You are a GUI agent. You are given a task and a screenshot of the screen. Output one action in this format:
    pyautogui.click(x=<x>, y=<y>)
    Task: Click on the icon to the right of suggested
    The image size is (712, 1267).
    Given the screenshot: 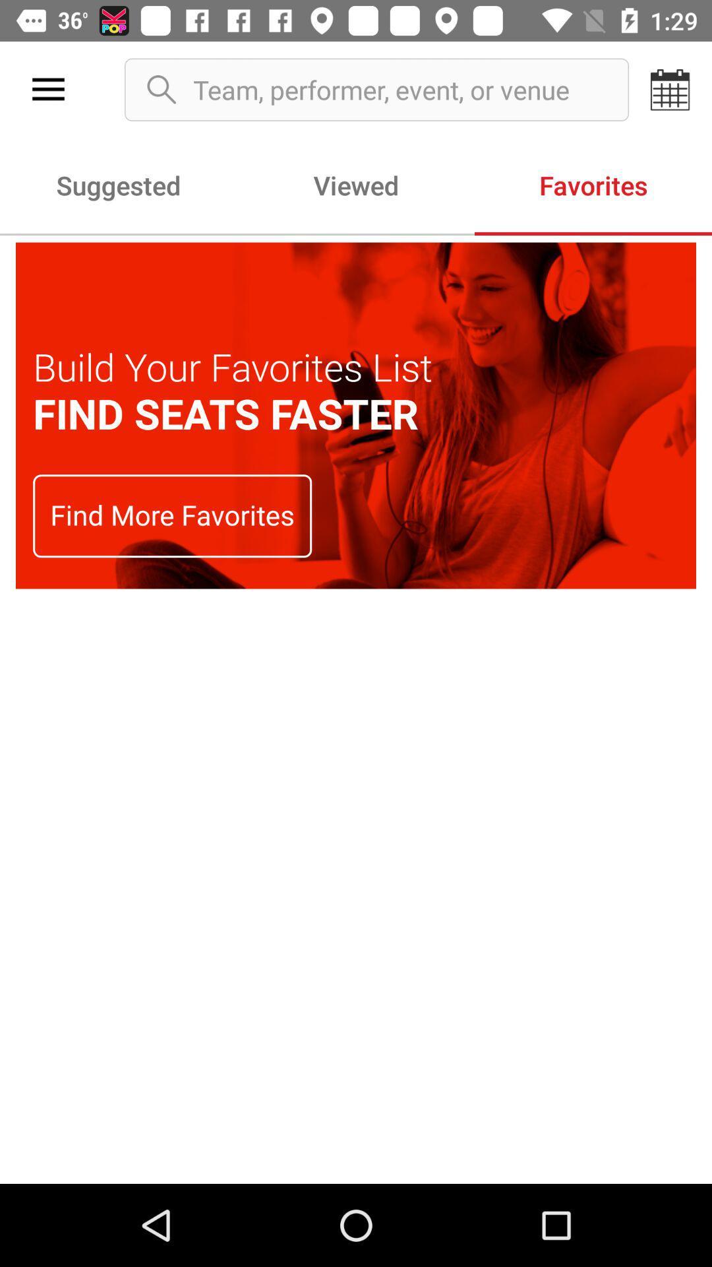 What is the action you would take?
    pyautogui.click(x=356, y=184)
    